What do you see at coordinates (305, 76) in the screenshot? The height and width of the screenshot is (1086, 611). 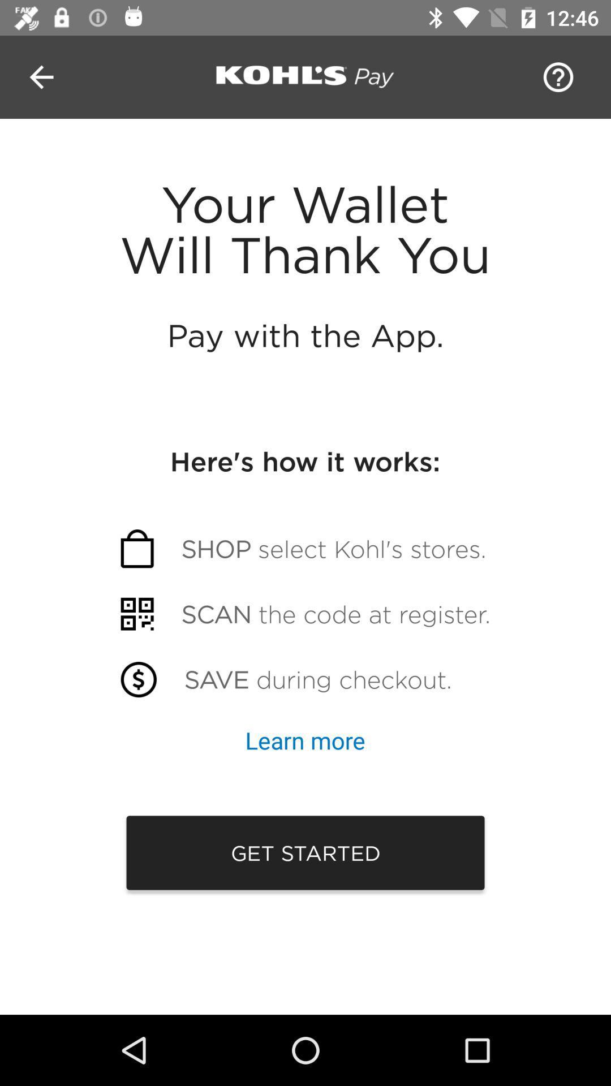 I see `go kohls pay` at bounding box center [305, 76].